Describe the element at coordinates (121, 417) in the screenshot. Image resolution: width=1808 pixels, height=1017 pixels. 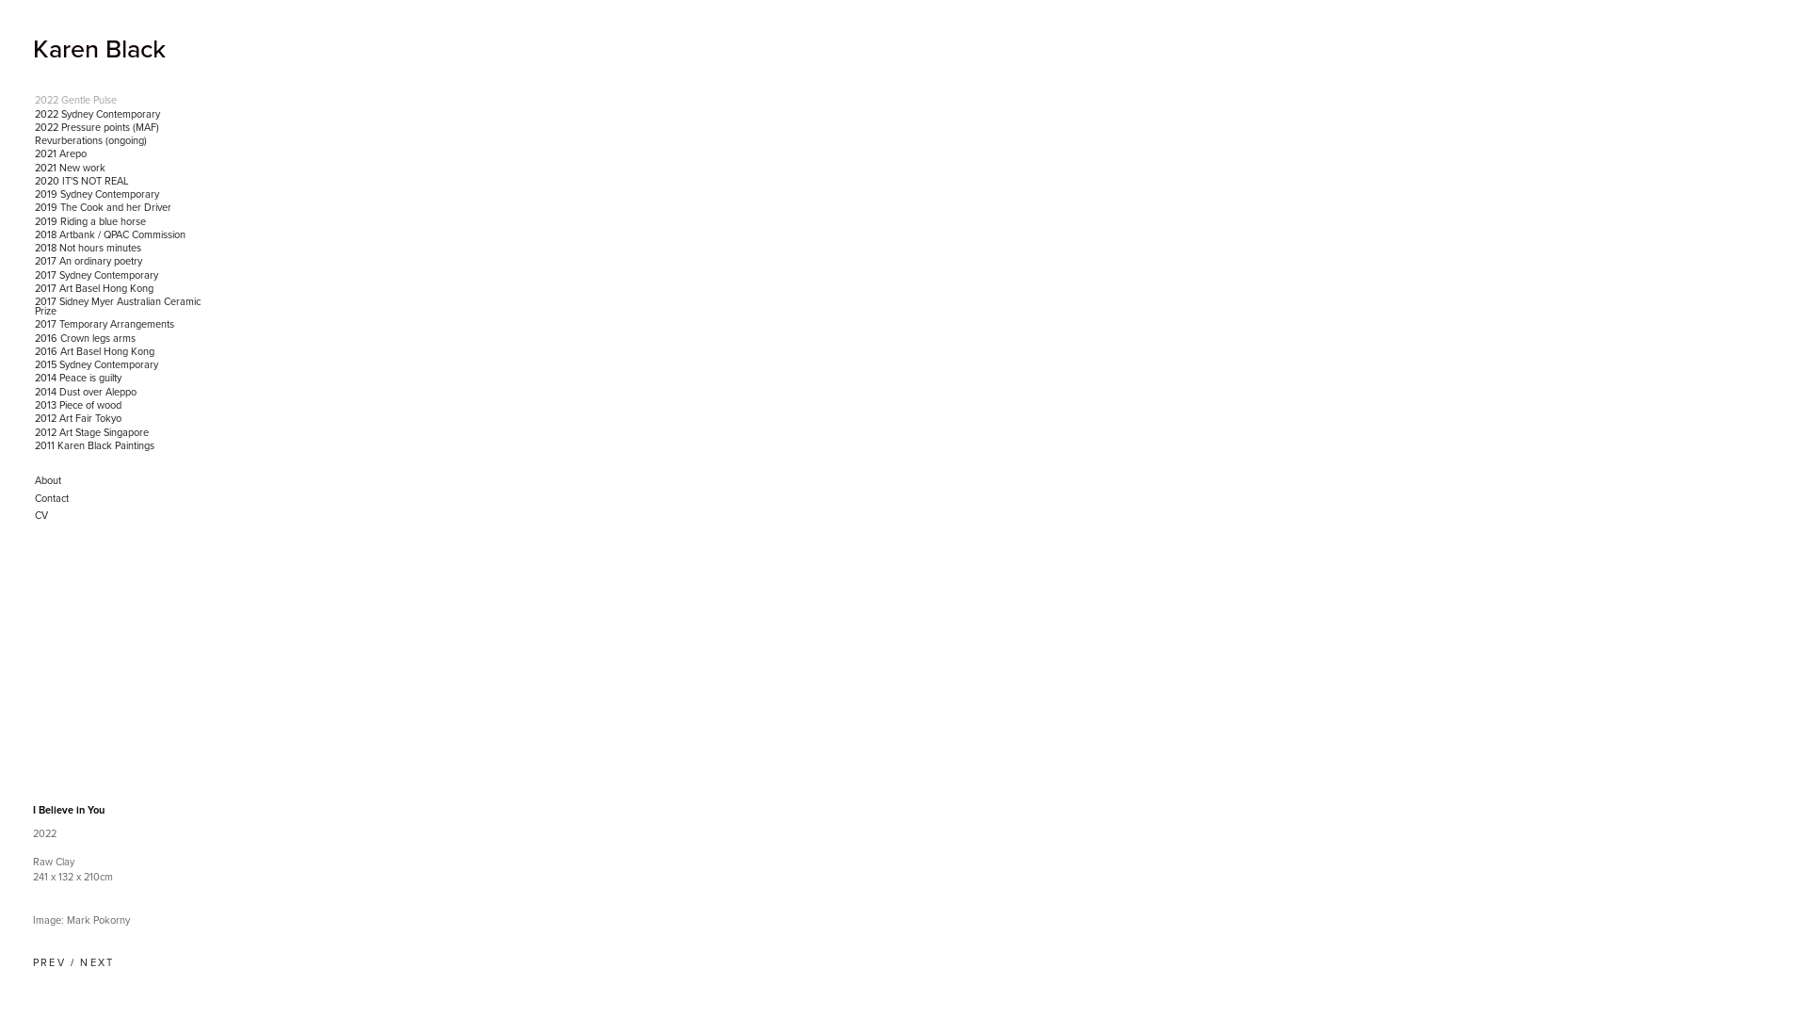
I see `'2012 Art Fair Tokyo'` at that location.